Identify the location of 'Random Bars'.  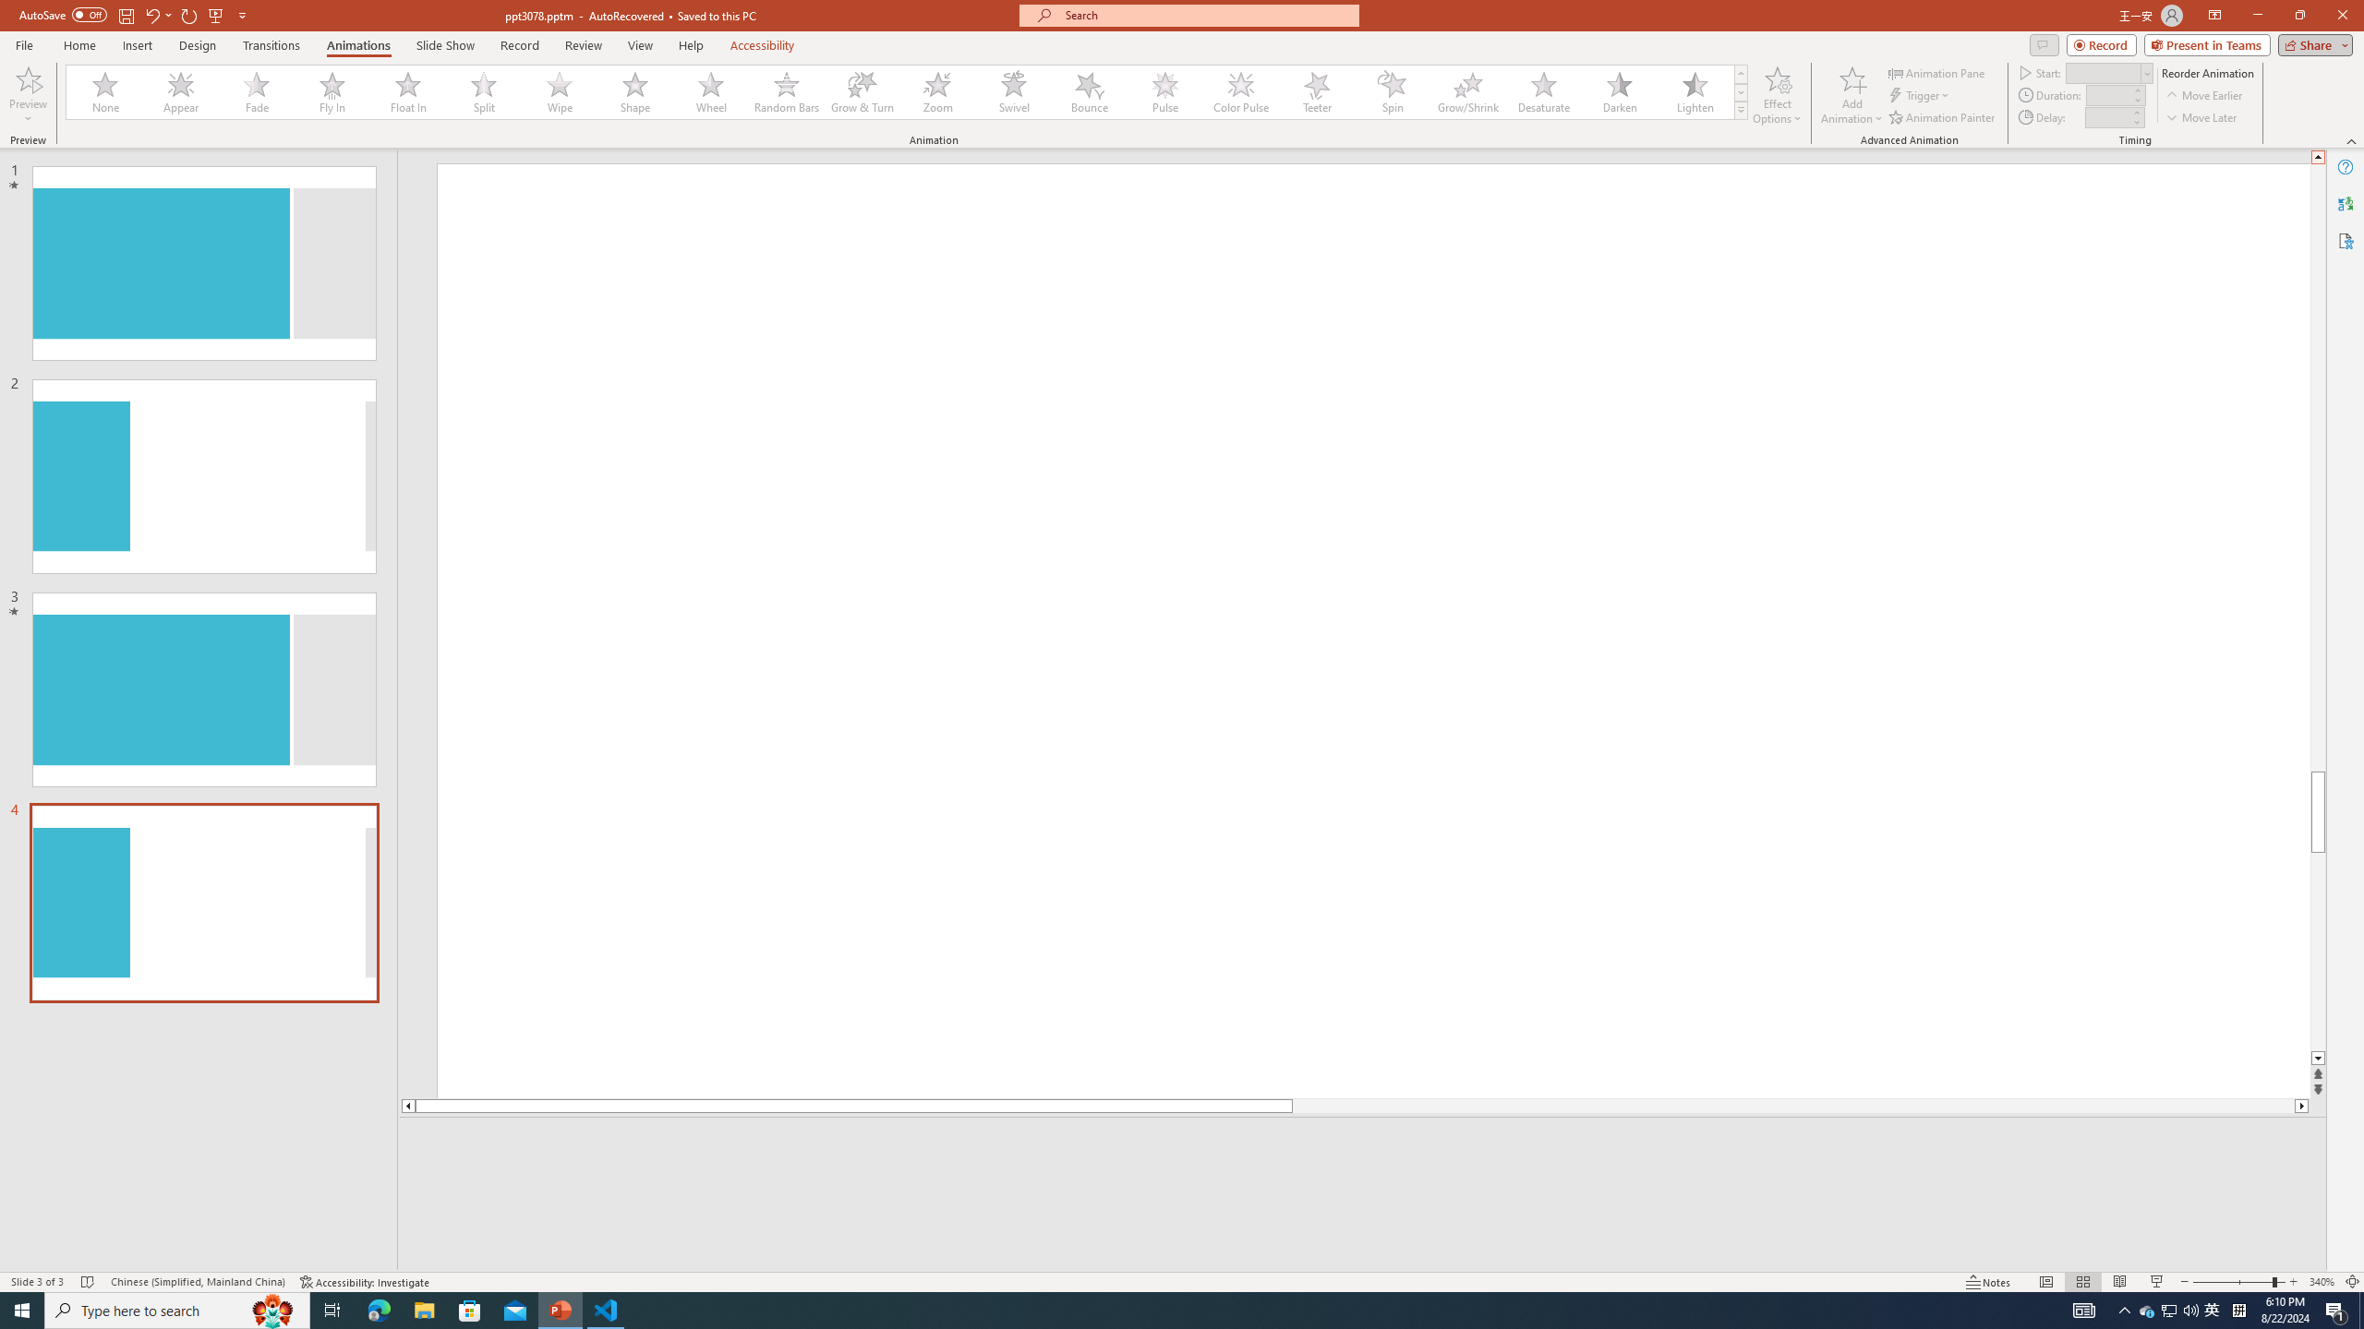
(786, 91).